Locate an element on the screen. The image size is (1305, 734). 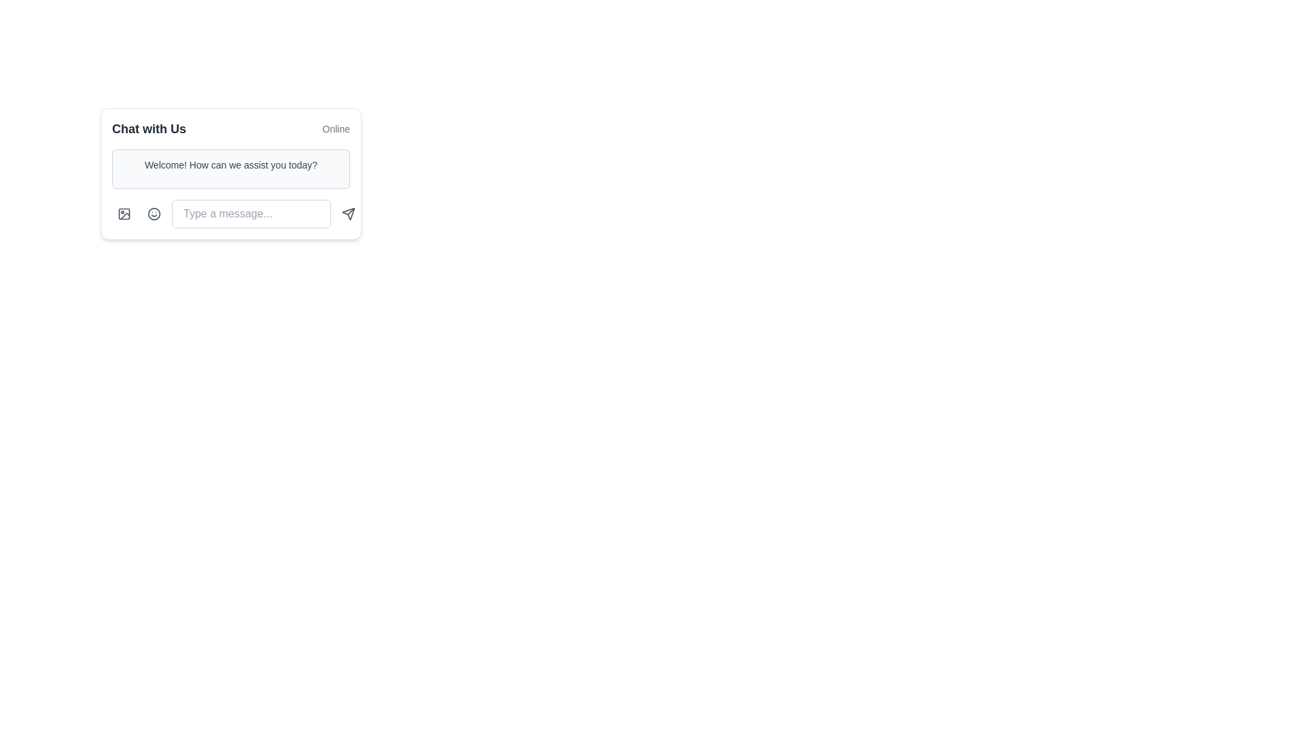
the decorative rounded rectangle component of the SVG icon located in the bottom-right section of the chat widget is located at coordinates (124, 214).